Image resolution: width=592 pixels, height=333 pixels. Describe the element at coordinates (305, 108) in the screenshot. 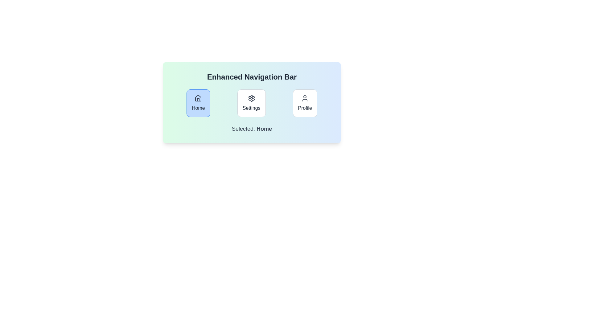

I see `the 'Profile' text label, which is styled in gray and located centrally in the navigation bar beneath a person icon` at that location.